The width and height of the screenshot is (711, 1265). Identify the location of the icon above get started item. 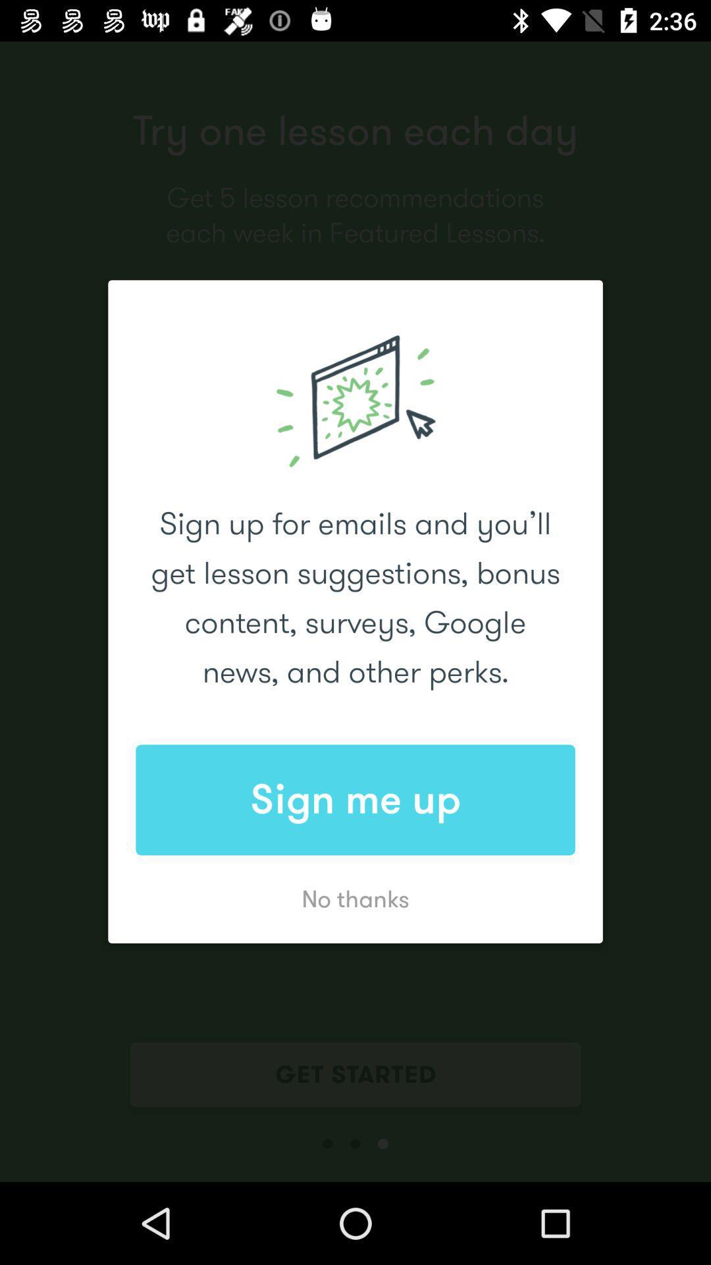
(355, 898).